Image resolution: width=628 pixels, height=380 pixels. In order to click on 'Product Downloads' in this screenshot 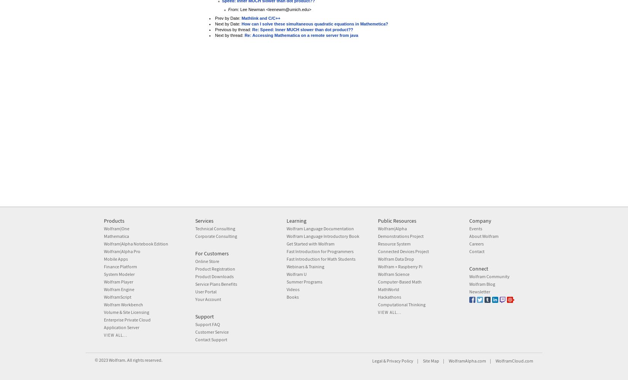, I will do `click(194, 275)`.